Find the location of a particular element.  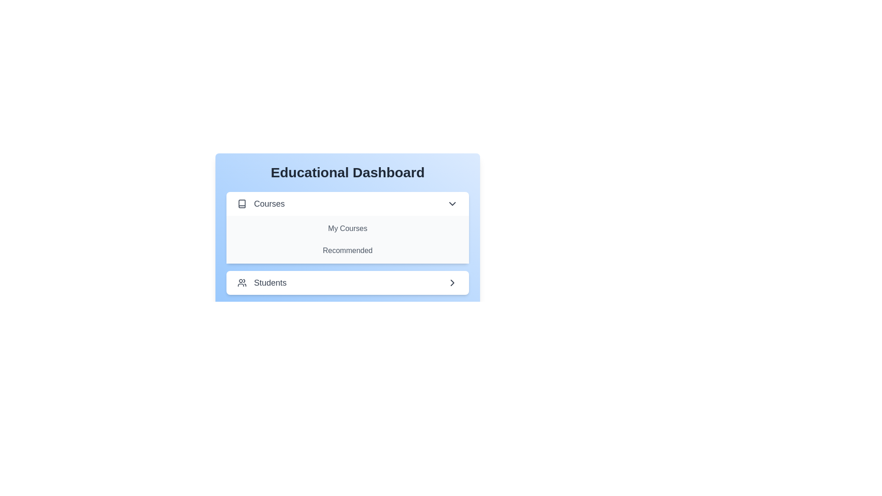

the text of the section or item Recommended is located at coordinates (347, 251).